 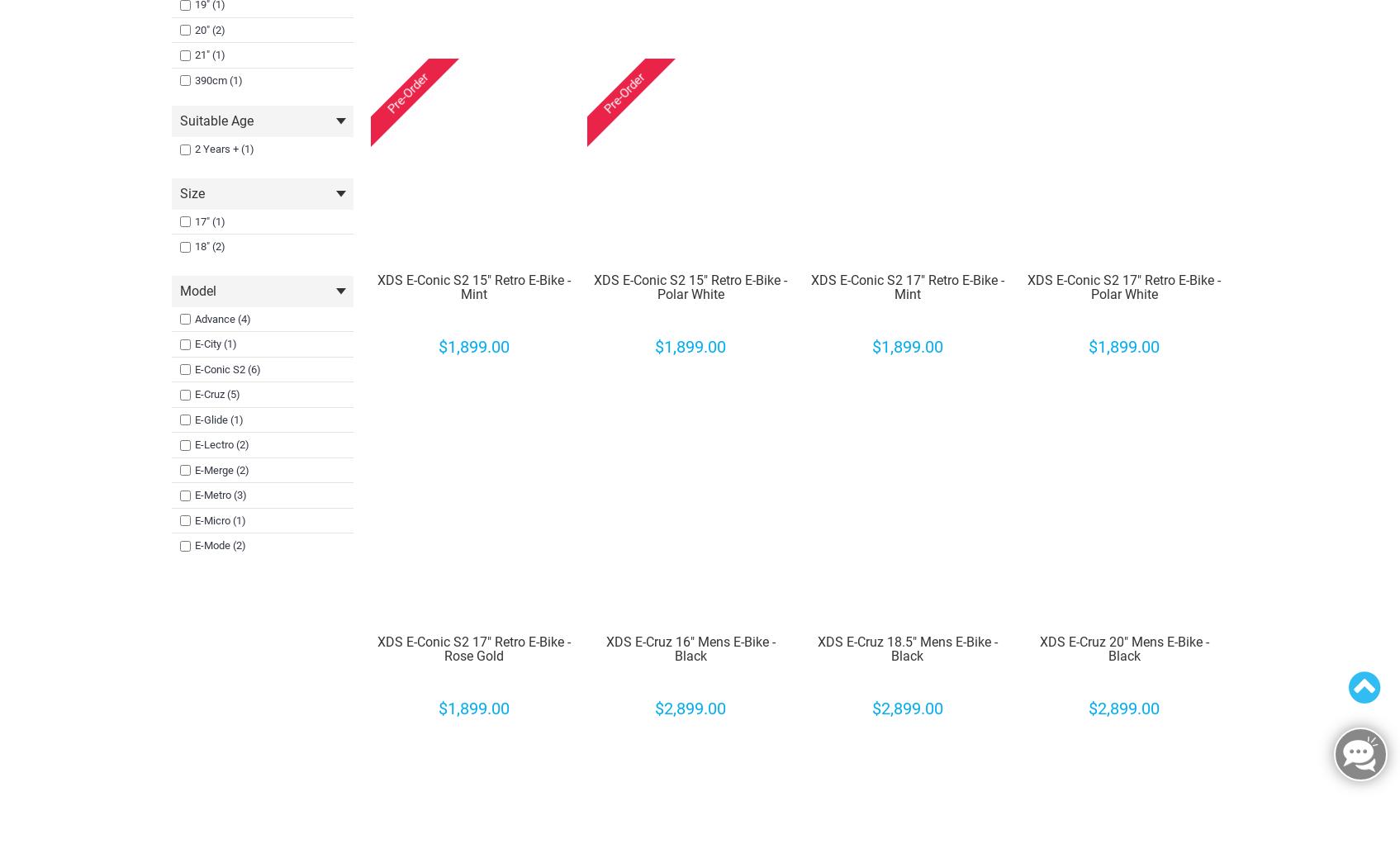 I want to click on '390cm (1)', so click(x=218, y=78).